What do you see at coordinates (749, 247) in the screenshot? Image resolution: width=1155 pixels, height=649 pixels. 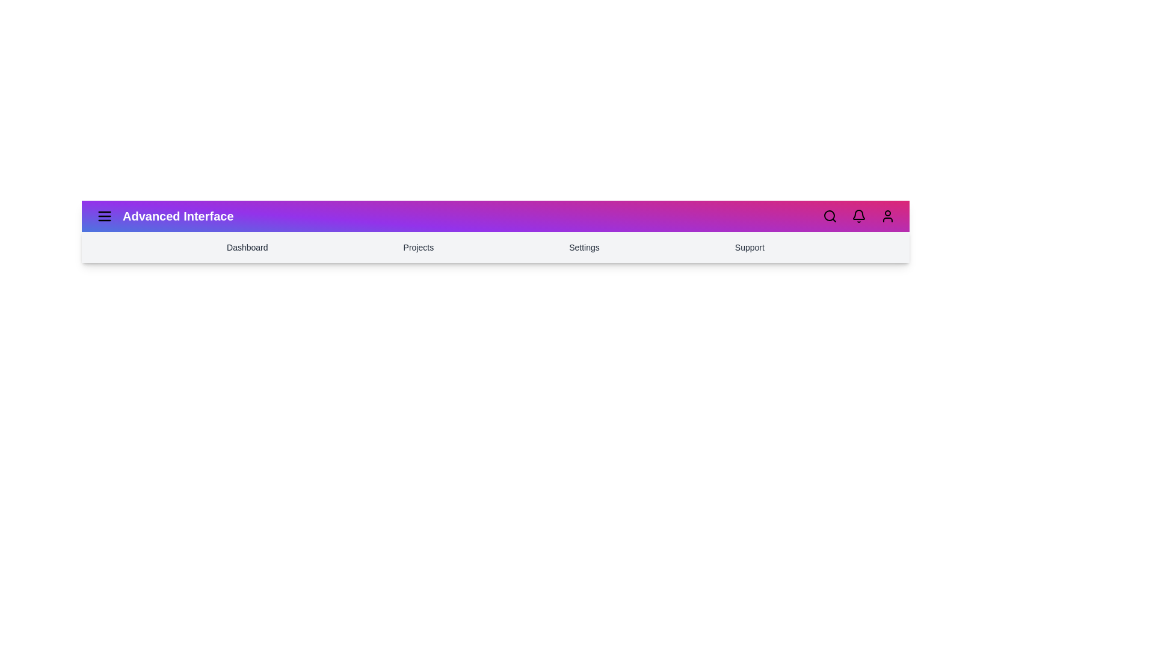 I see `the menu item Support to navigate to the respective section` at bounding box center [749, 247].